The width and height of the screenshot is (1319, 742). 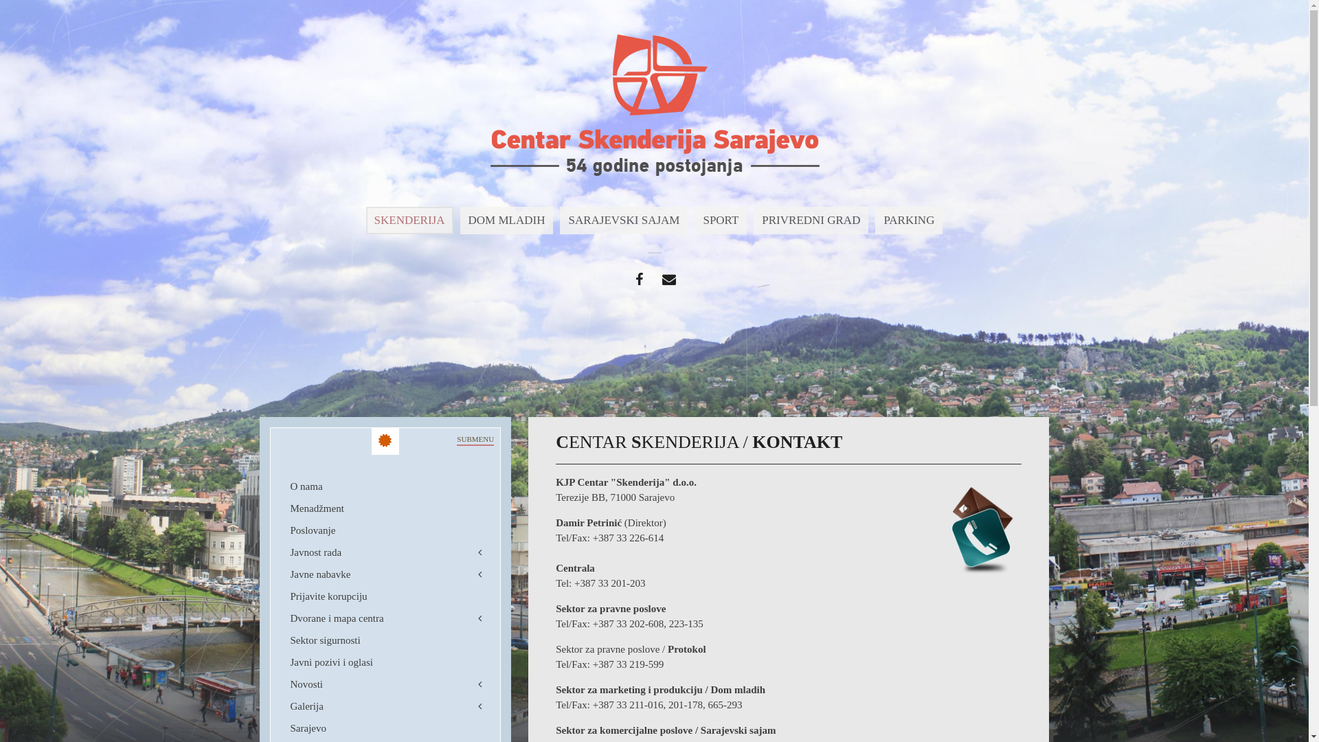 What do you see at coordinates (560, 219) in the screenshot?
I see `'SARAJEVSKI SAJAM'` at bounding box center [560, 219].